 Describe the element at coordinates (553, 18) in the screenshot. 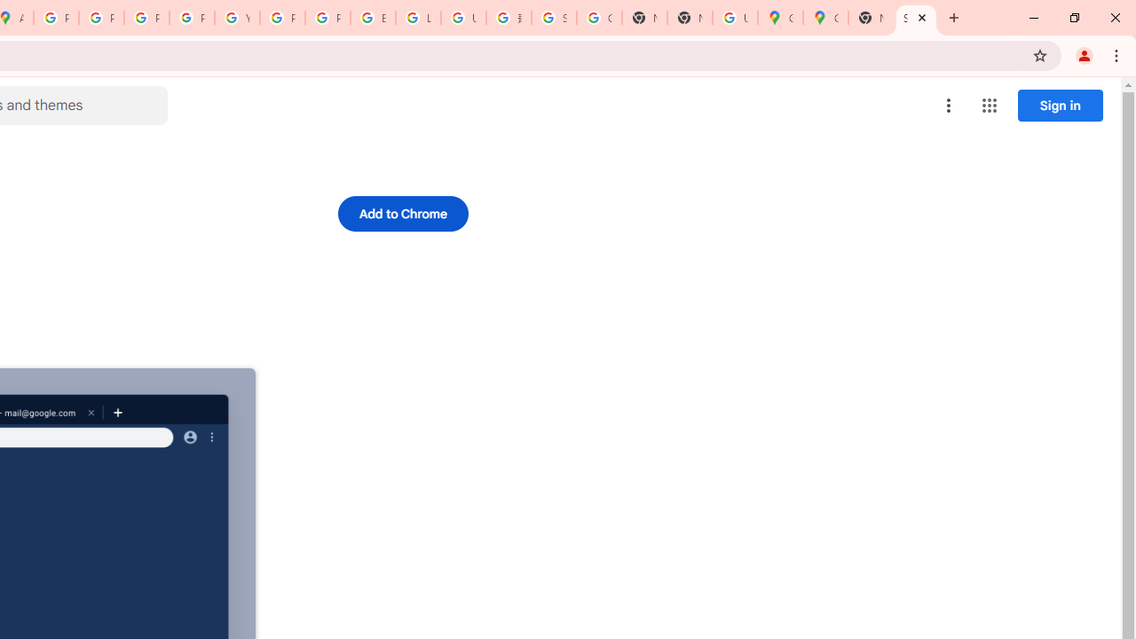

I see `'Sign in - Google Accounts'` at that location.